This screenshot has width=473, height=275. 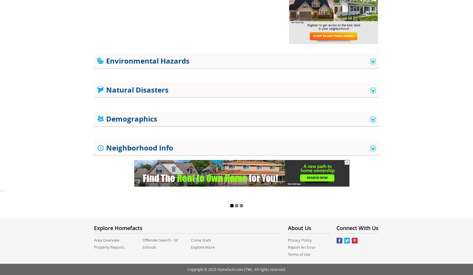 I want to click on 'About us', so click(x=288, y=228).